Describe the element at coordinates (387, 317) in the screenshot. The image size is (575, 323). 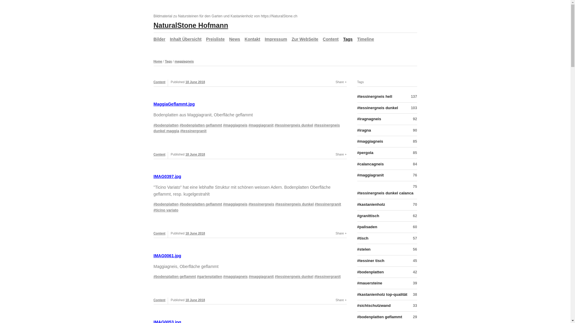
I see `'29` at that location.